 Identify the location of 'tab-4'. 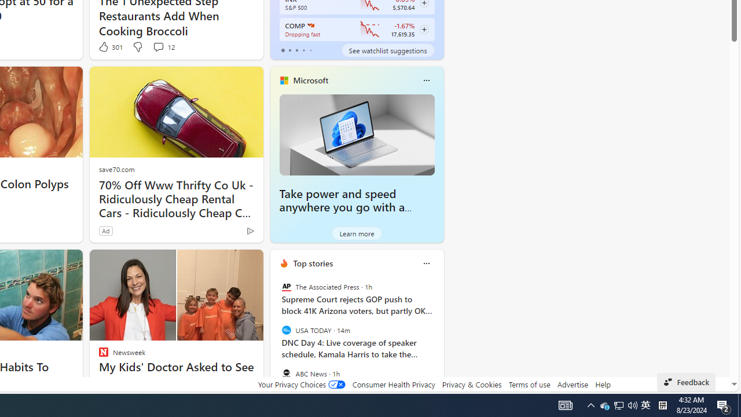
(310, 50).